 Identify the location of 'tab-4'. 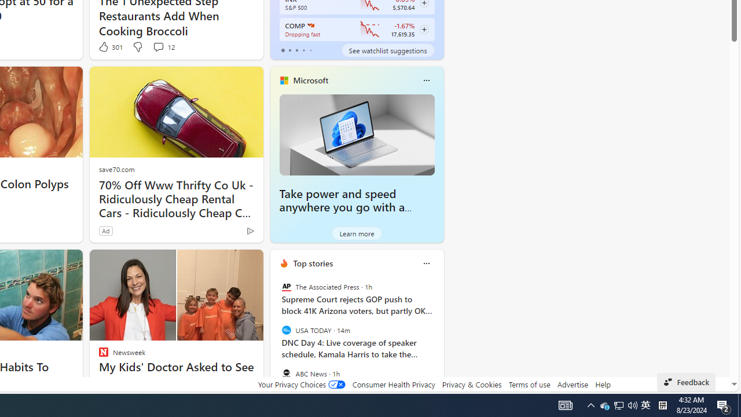
(310, 50).